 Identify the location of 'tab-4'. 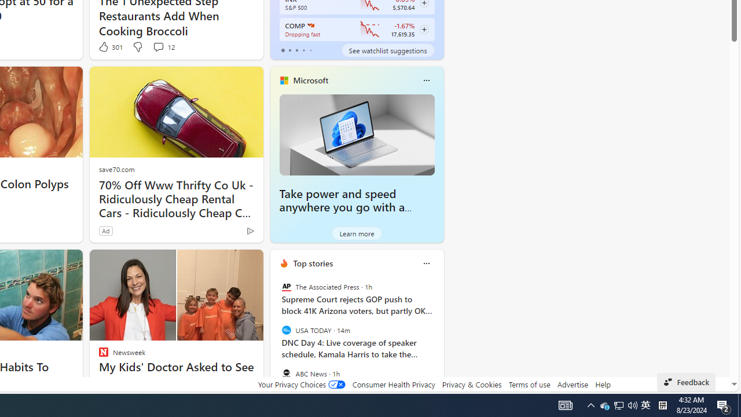
(310, 50).